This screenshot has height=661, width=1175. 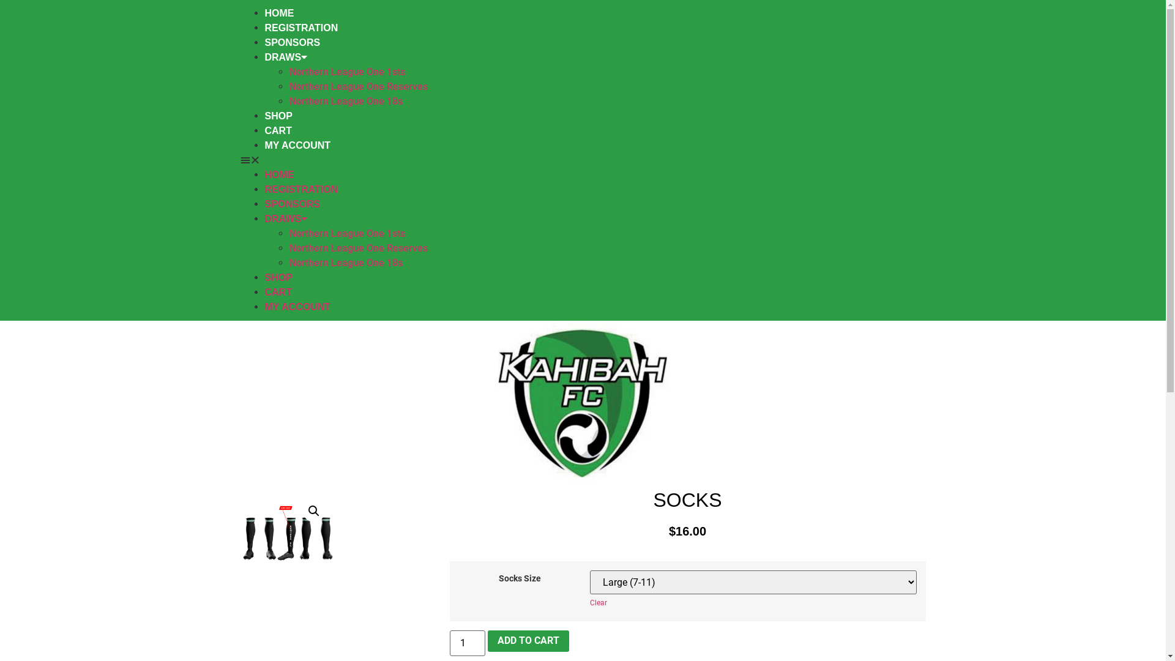 I want to click on 'socks', so click(x=286, y=537).